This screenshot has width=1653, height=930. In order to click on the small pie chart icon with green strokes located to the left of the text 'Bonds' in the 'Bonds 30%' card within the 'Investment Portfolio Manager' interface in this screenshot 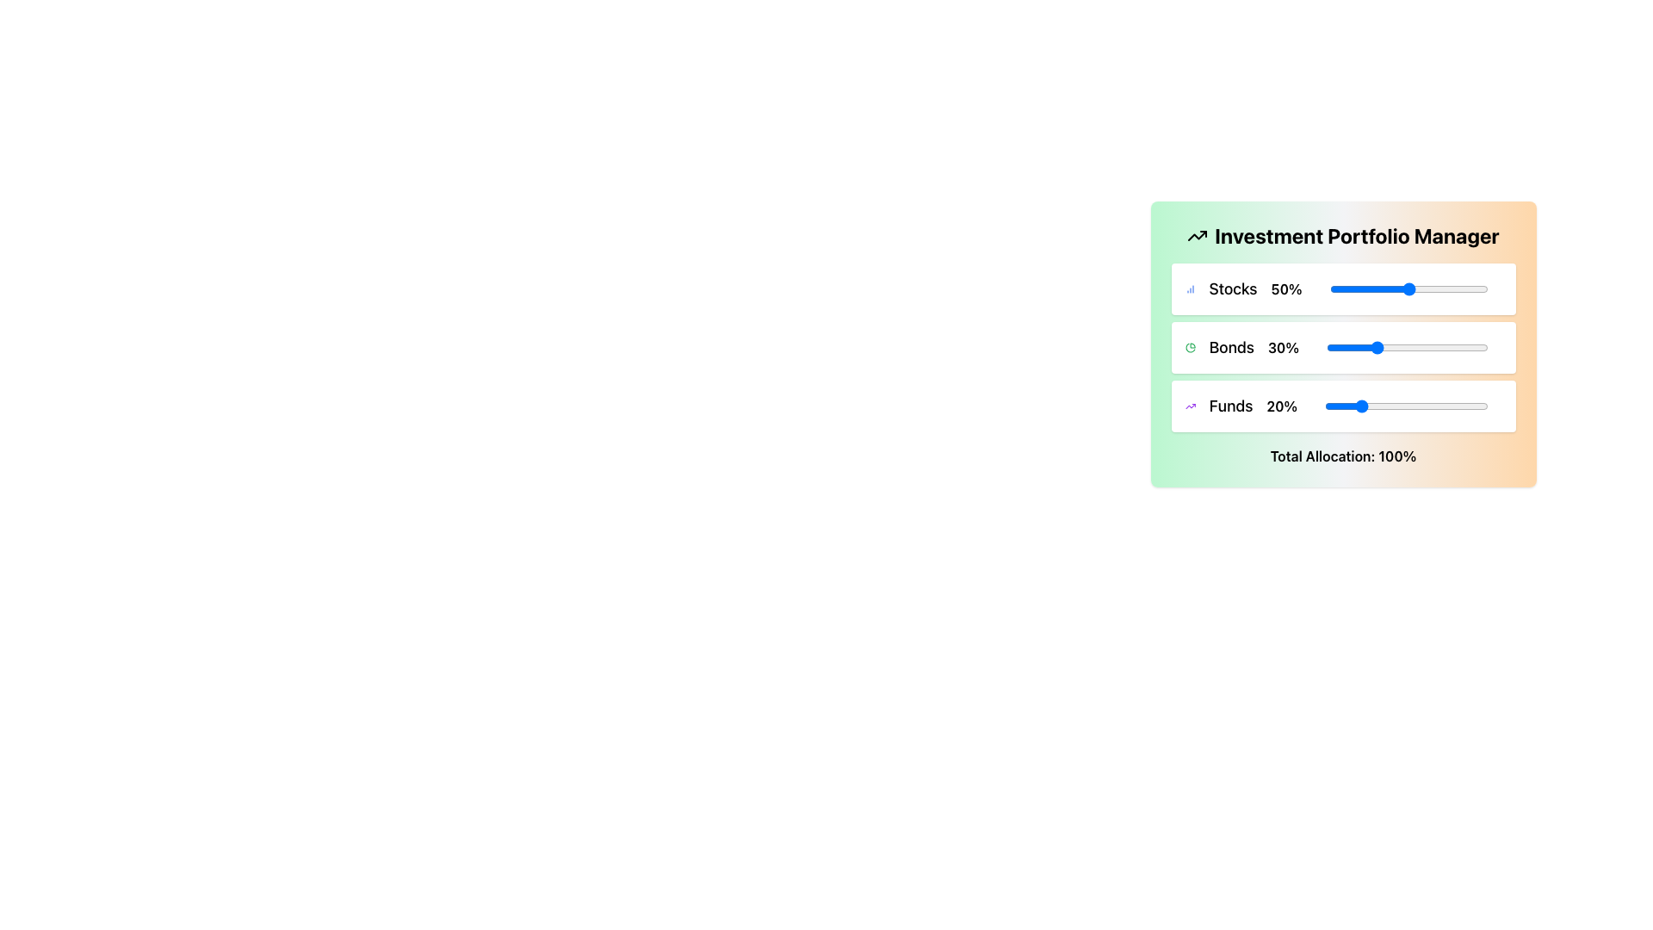, I will do `click(1189, 348)`.